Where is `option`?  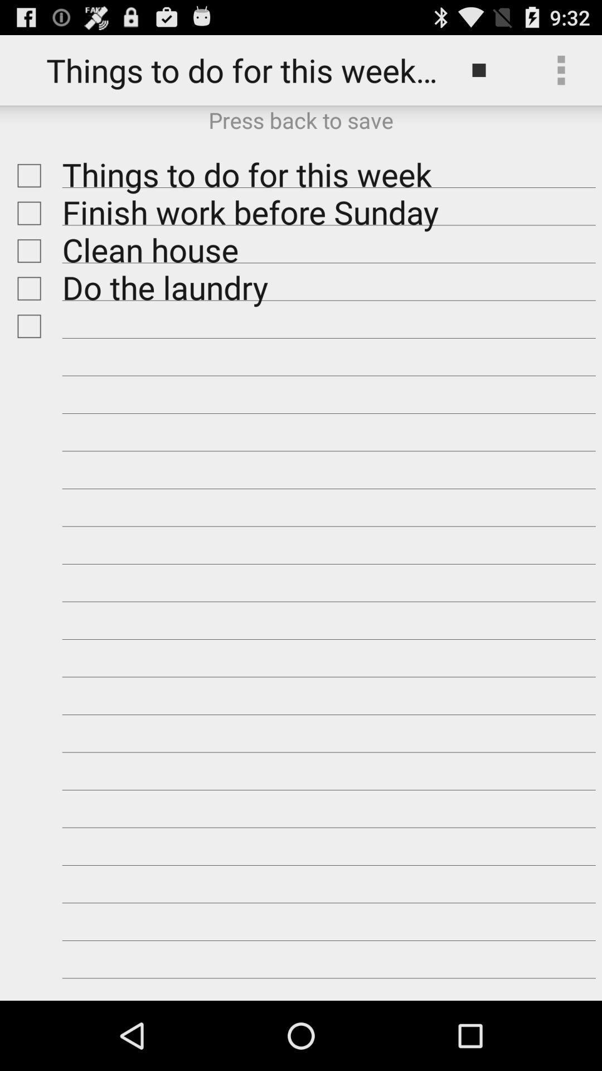 option is located at coordinates (26, 175).